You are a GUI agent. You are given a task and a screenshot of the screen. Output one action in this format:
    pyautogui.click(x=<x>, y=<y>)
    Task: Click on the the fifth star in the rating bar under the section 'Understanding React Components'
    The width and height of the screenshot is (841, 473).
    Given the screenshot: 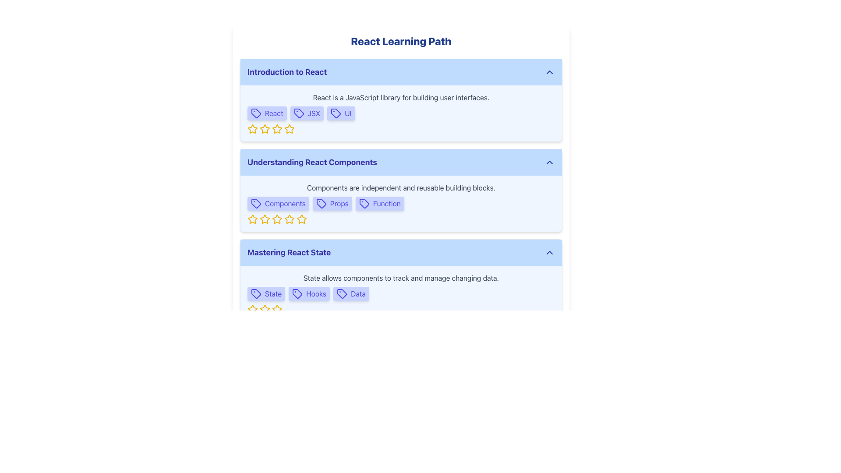 What is the action you would take?
    pyautogui.click(x=302, y=219)
    